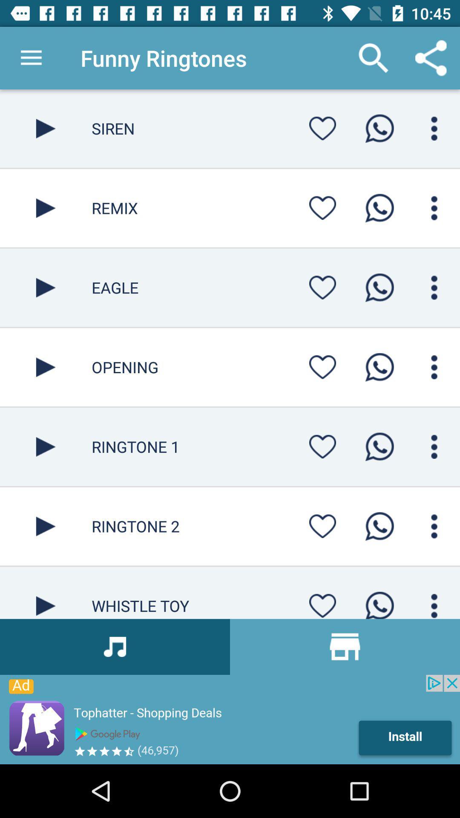 This screenshot has height=818, width=460. What do you see at coordinates (46, 288) in the screenshot?
I see `button` at bounding box center [46, 288].